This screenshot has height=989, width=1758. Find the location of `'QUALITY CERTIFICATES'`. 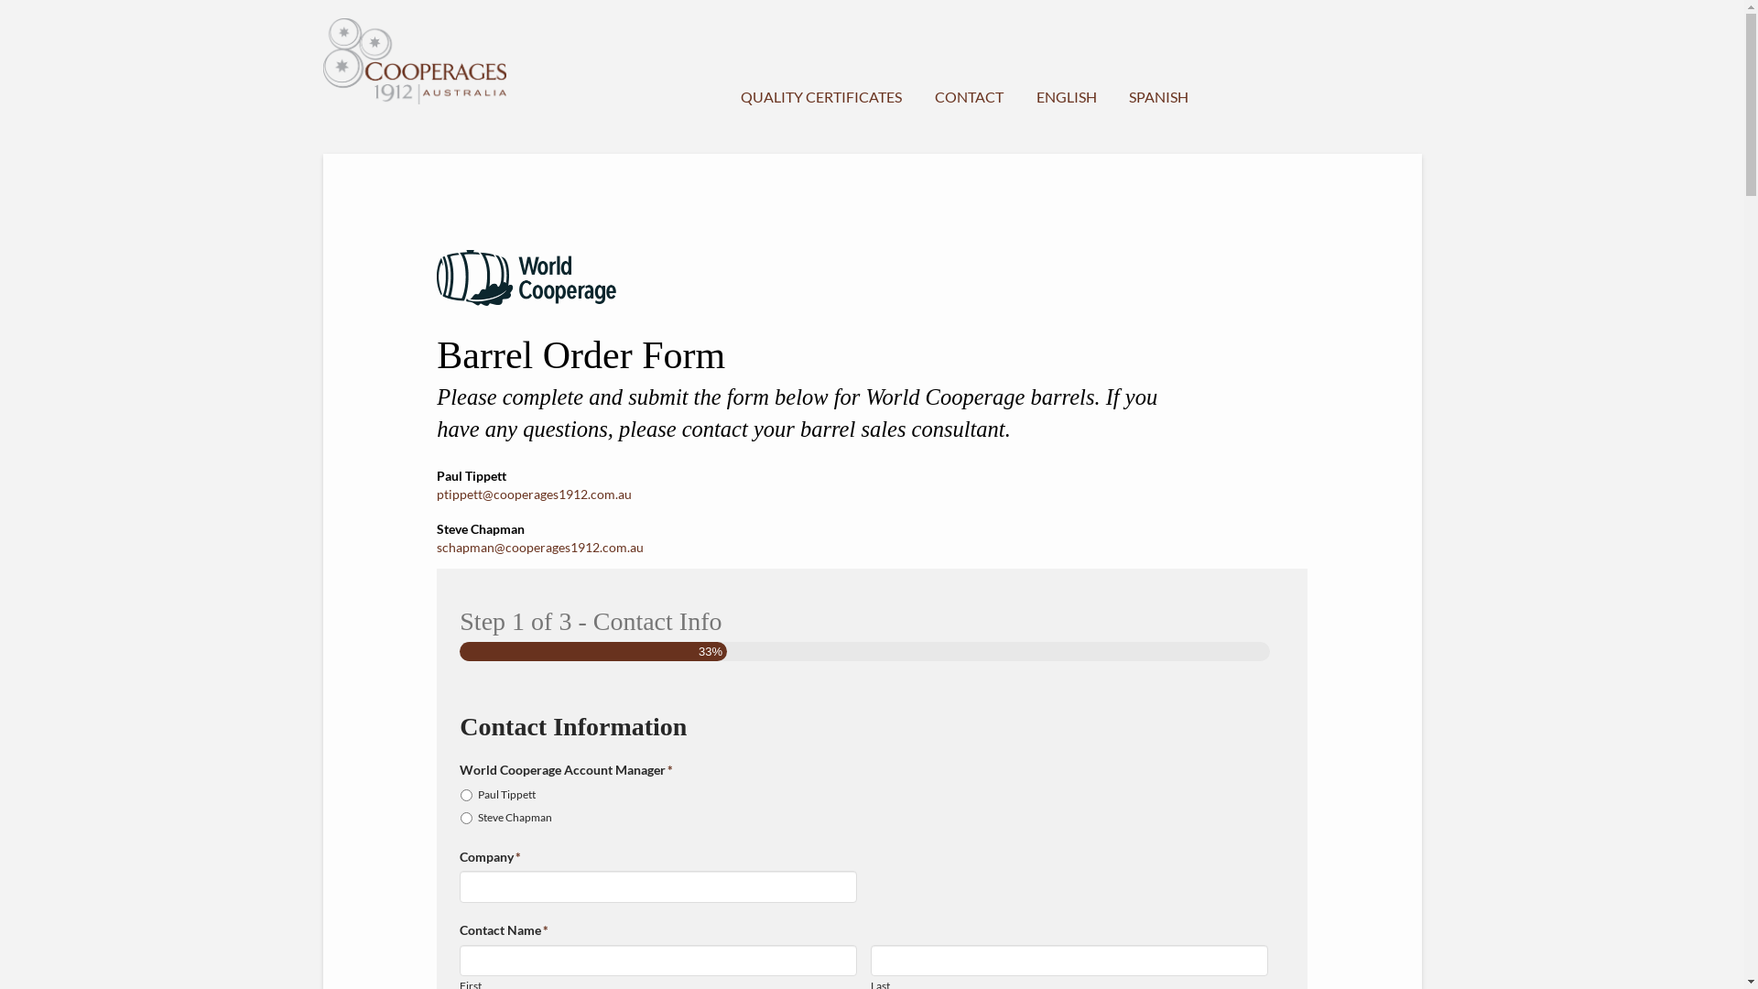

'QUALITY CERTIFICATES' is located at coordinates (819, 64).